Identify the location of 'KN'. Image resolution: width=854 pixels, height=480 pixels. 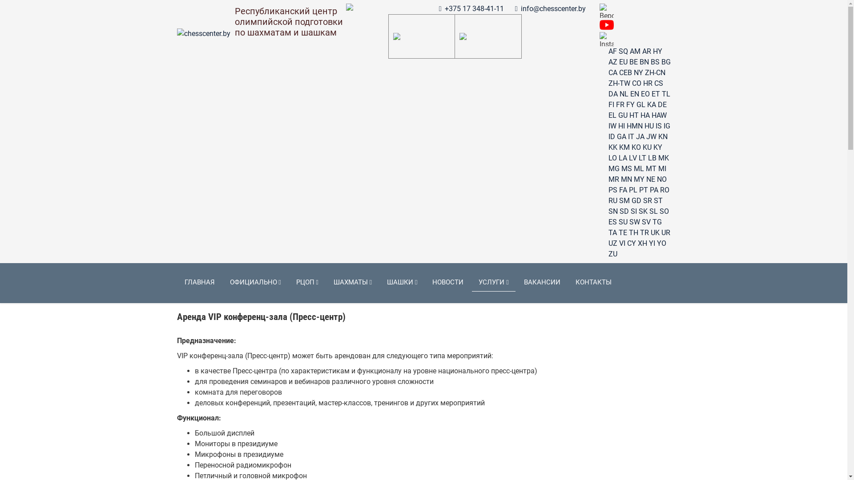
(663, 136).